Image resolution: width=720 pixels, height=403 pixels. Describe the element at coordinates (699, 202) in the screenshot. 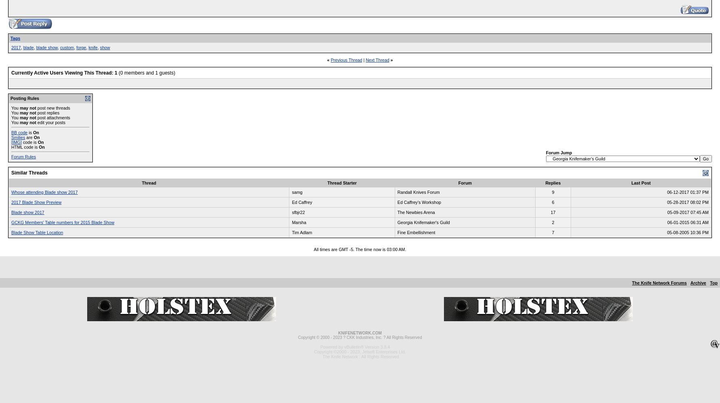

I see `'08:02 PM'` at that location.